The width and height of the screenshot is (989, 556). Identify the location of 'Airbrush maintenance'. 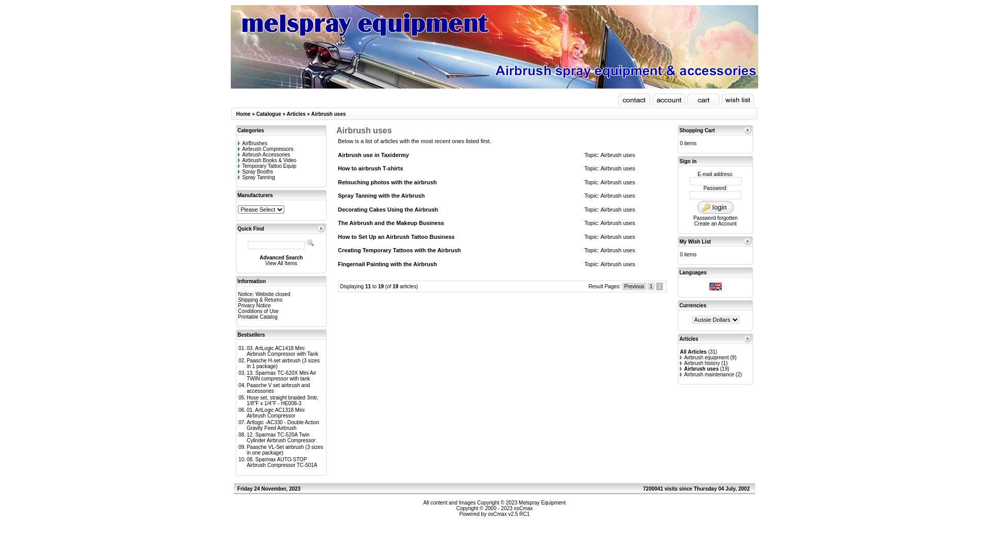
(706, 374).